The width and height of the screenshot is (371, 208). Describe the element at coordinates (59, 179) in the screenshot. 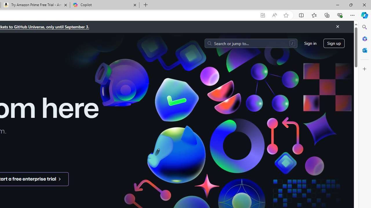

I see `'Class: octicon arrow-symbol-mktg'` at that location.